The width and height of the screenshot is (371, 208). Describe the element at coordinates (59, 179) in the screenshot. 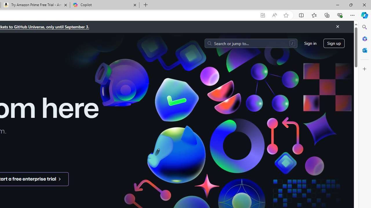

I see `'Class: octicon arrow-symbol-mktg'` at that location.